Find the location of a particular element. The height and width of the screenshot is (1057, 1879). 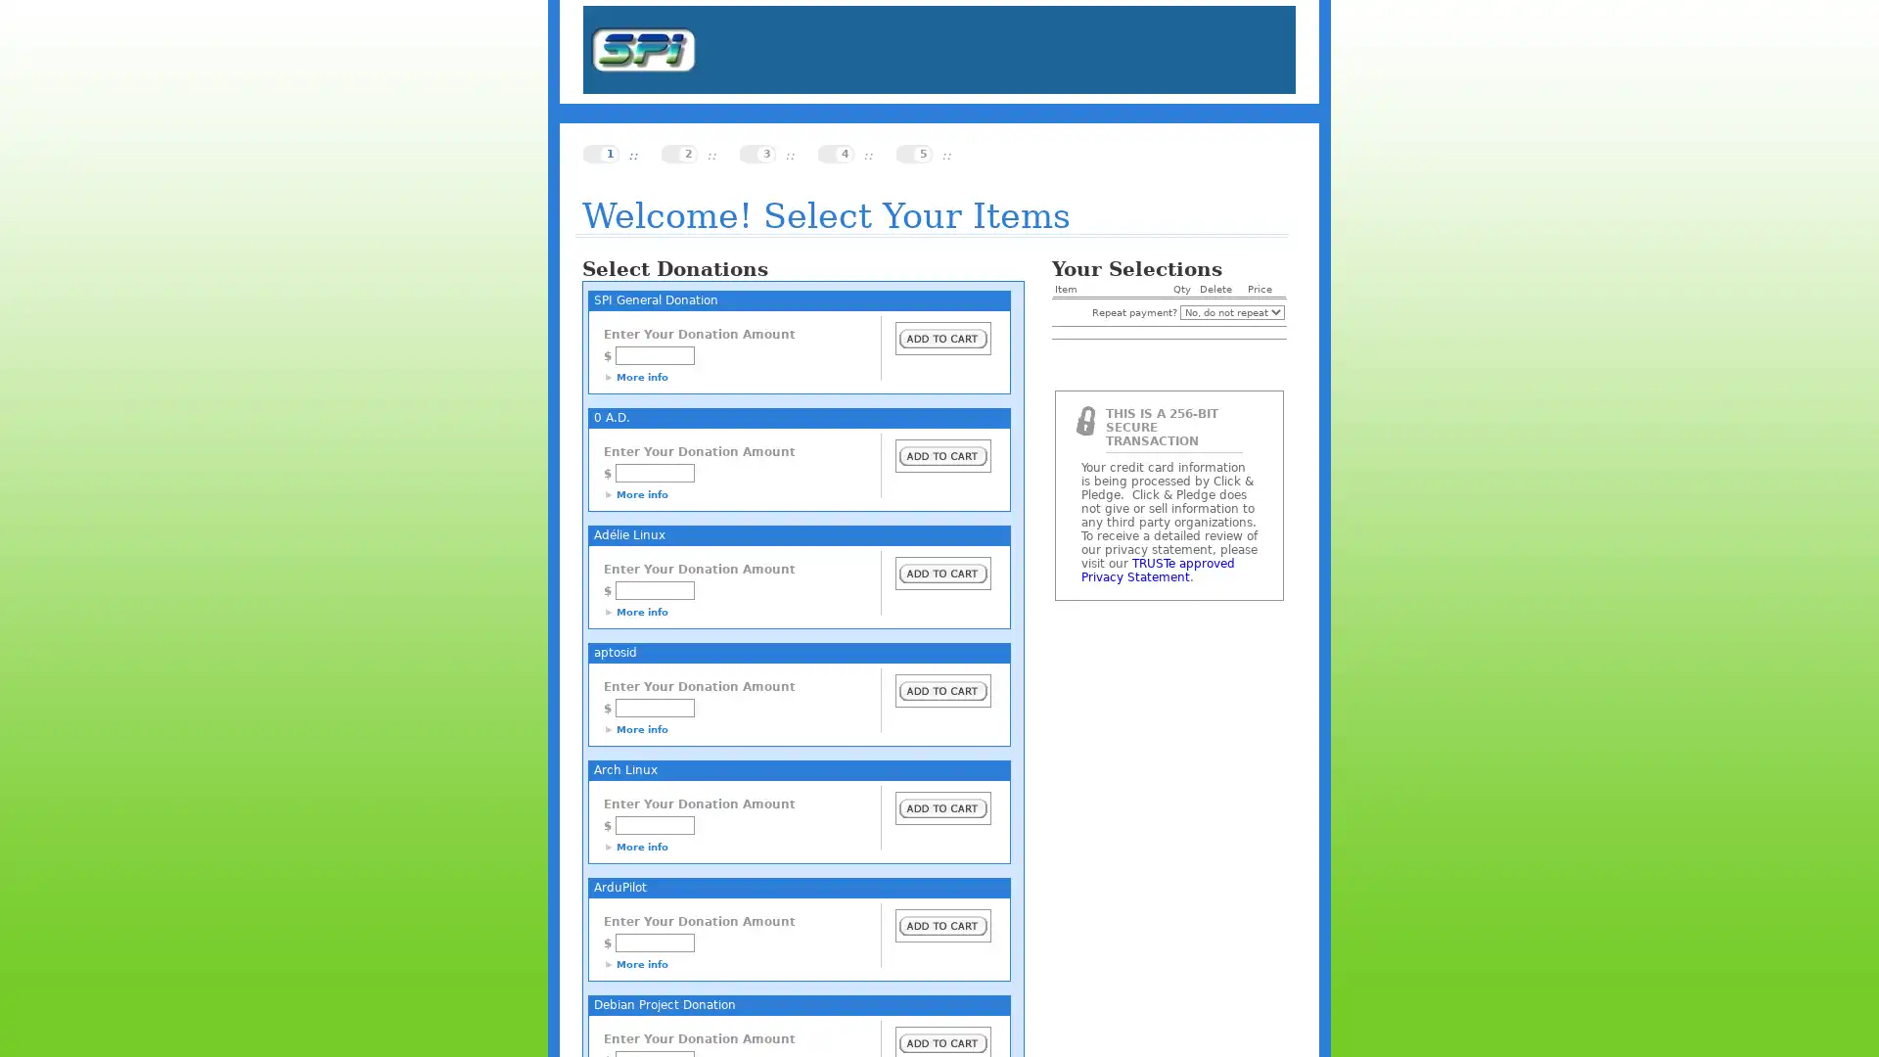

Submit is located at coordinates (943, 807).